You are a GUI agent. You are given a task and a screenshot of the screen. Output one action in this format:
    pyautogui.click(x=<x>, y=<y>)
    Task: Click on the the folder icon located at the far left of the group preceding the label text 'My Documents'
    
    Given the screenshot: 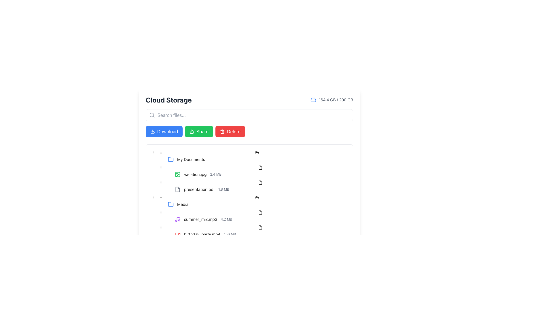 What is the action you would take?
    pyautogui.click(x=171, y=160)
    